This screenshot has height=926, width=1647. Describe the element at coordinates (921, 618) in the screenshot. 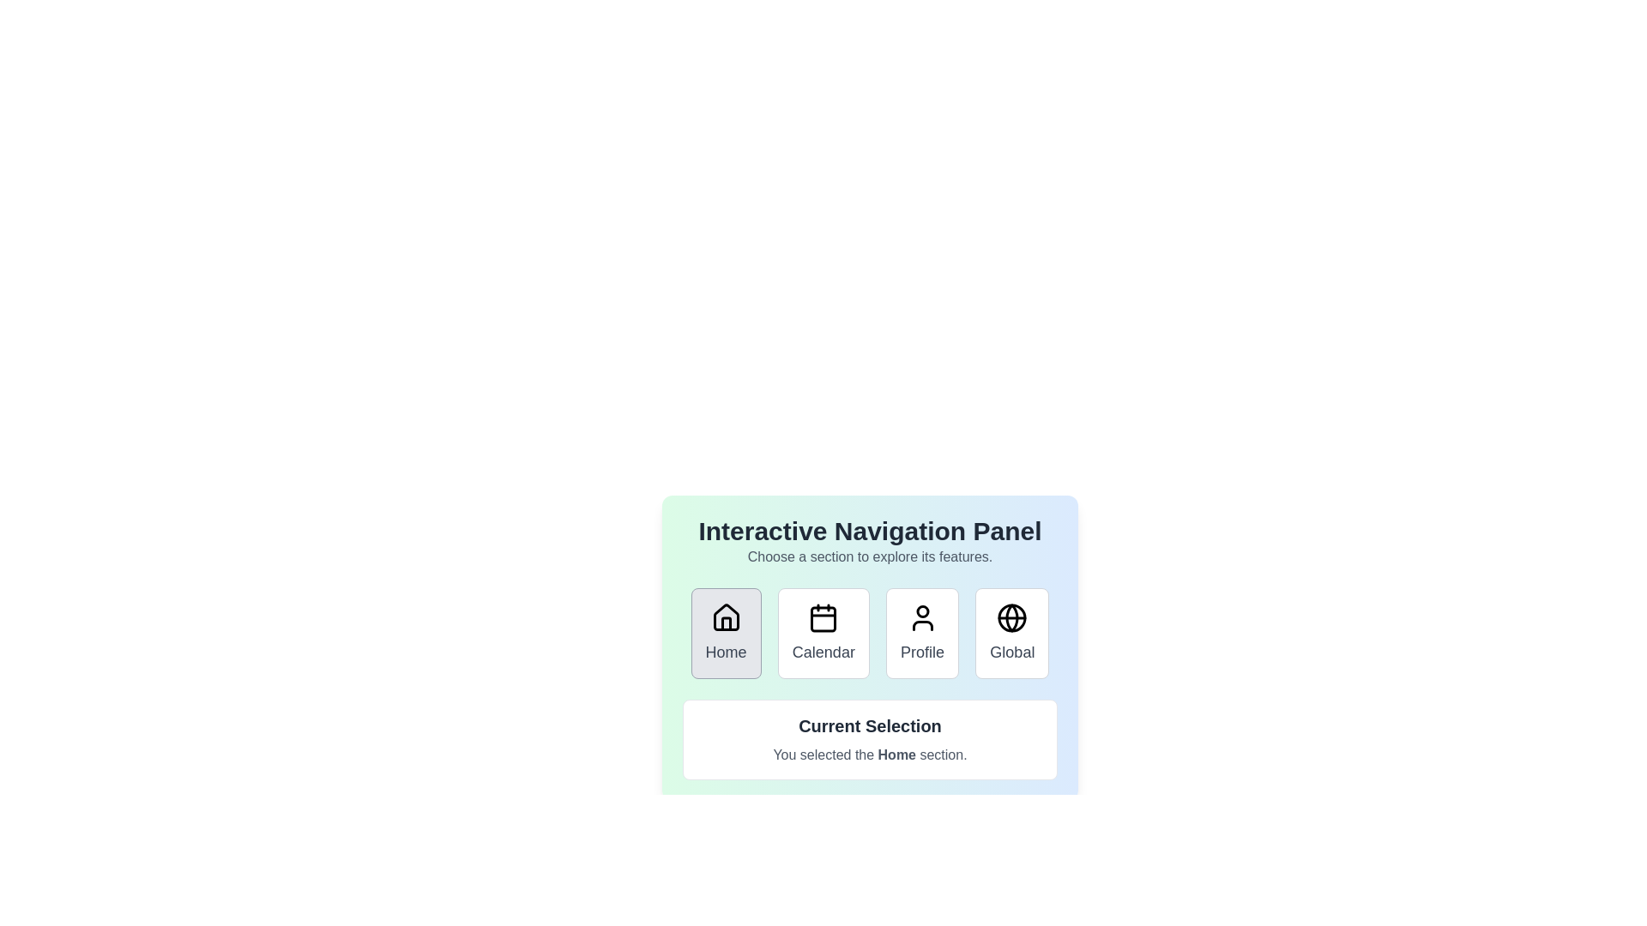

I see `the 'Profile' icon located at the top center of the 'Profile' button` at that location.